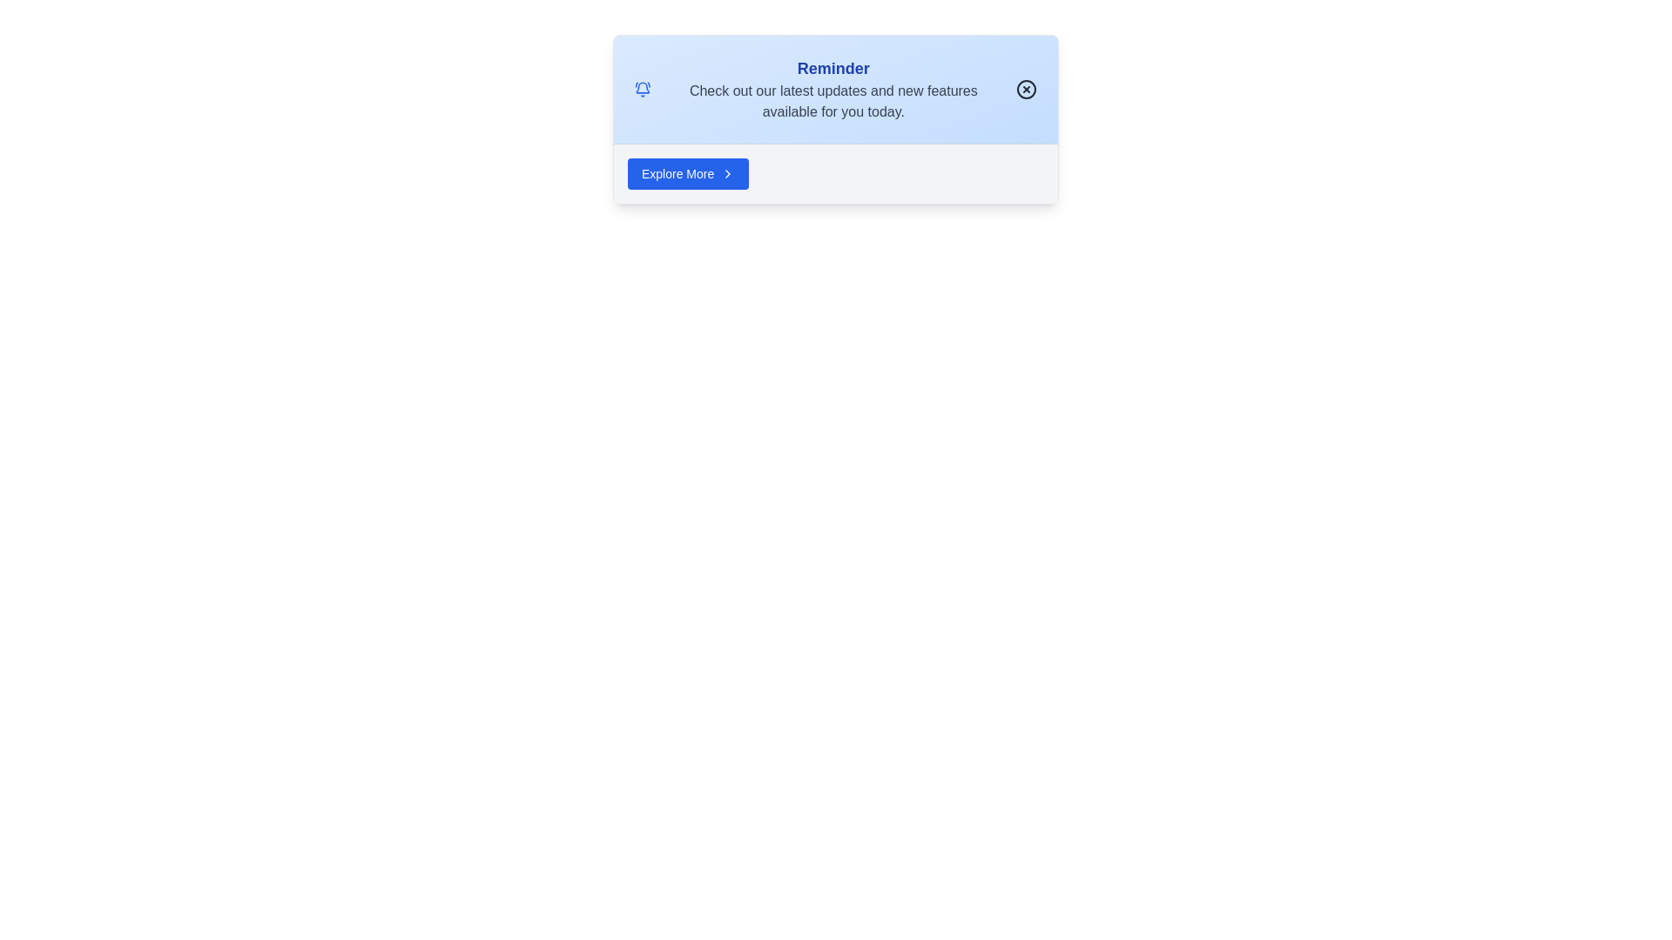 This screenshot has height=940, width=1672. What do you see at coordinates (1027, 90) in the screenshot?
I see `the circular close button located at the top-right corner of the notification card` at bounding box center [1027, 90].